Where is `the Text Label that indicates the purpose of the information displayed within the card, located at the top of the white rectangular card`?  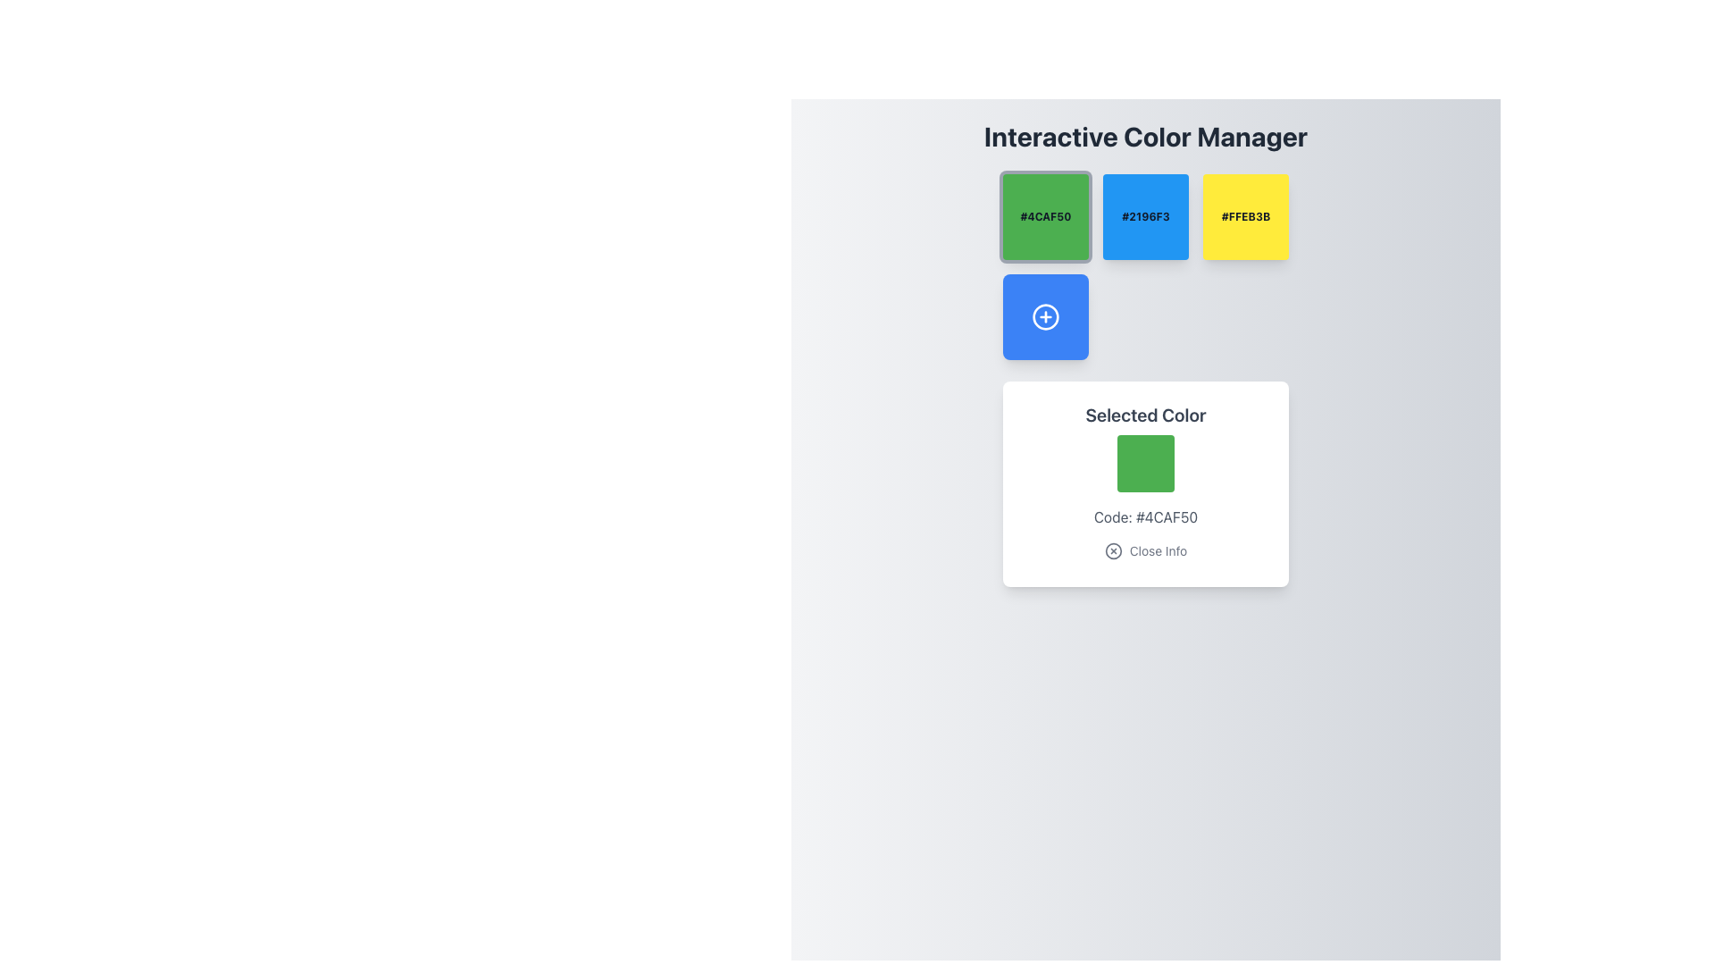
the Text Label that indicates the purpose of the information displayed within the card, located at the top of the white rectangular card is located at coordinates (1145, 415).